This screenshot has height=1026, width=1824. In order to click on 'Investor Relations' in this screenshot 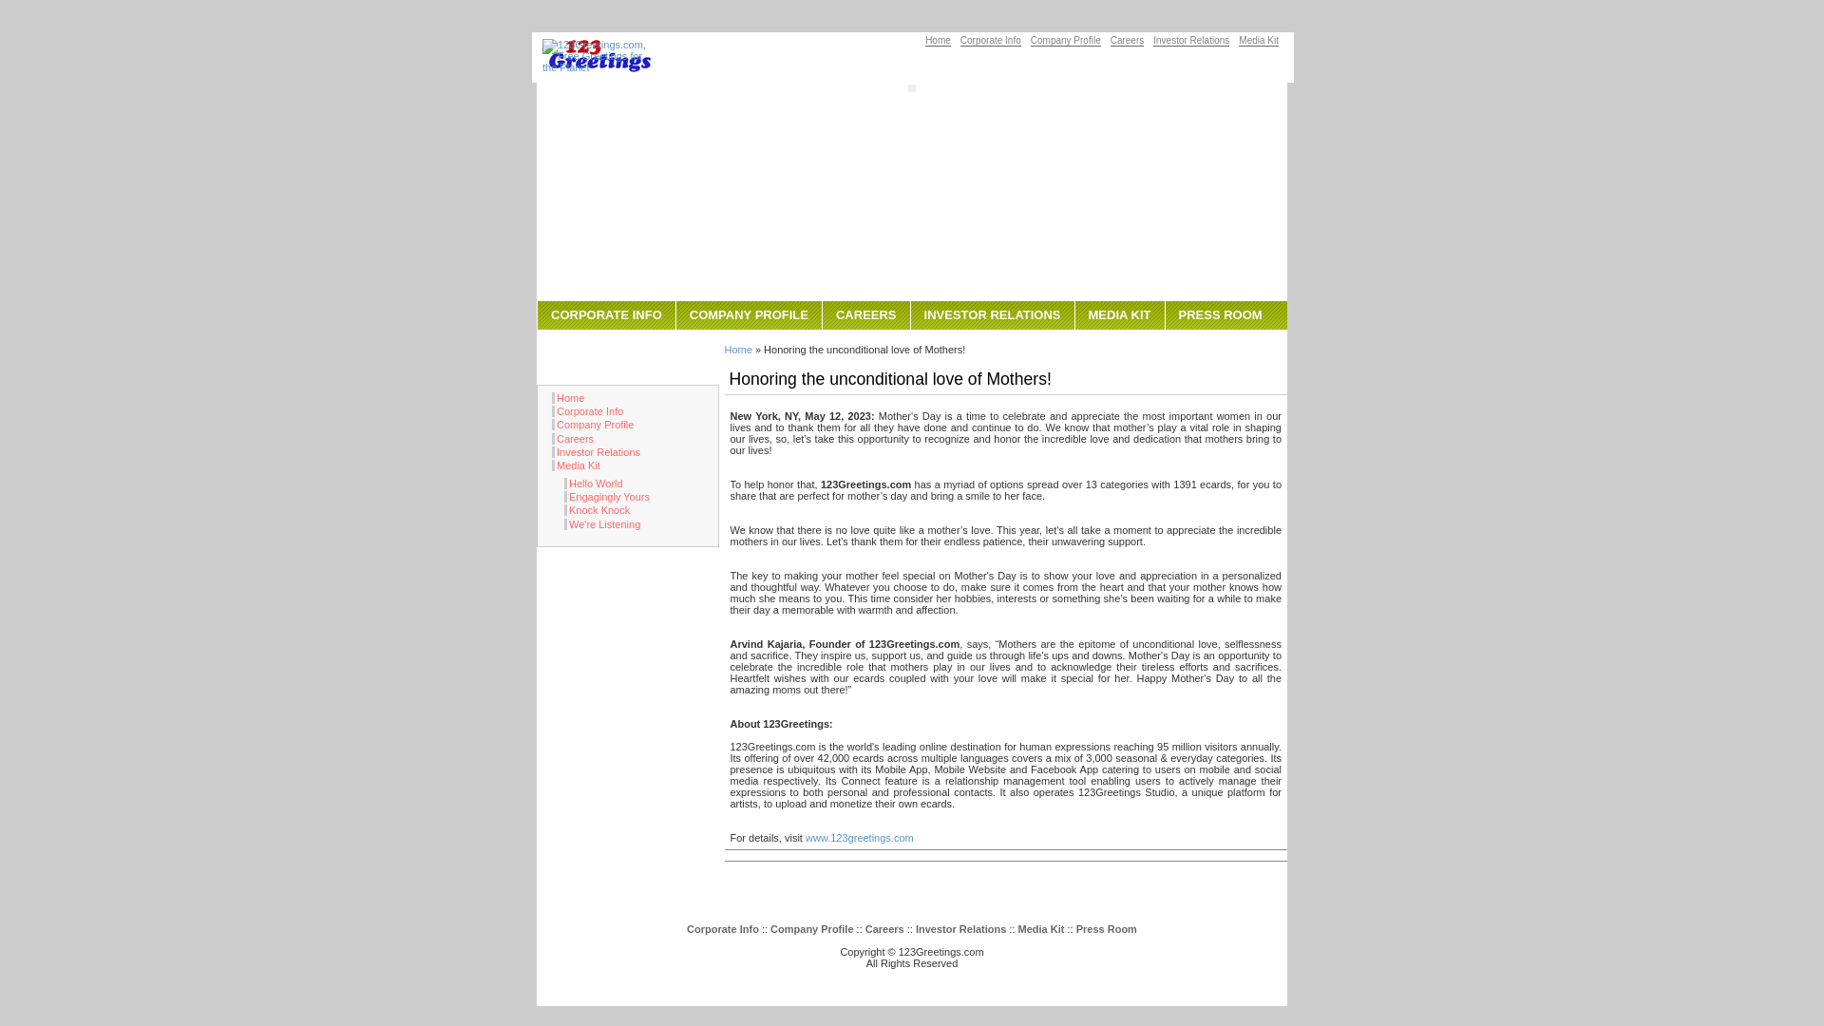, I will do `click(595, 451)`.